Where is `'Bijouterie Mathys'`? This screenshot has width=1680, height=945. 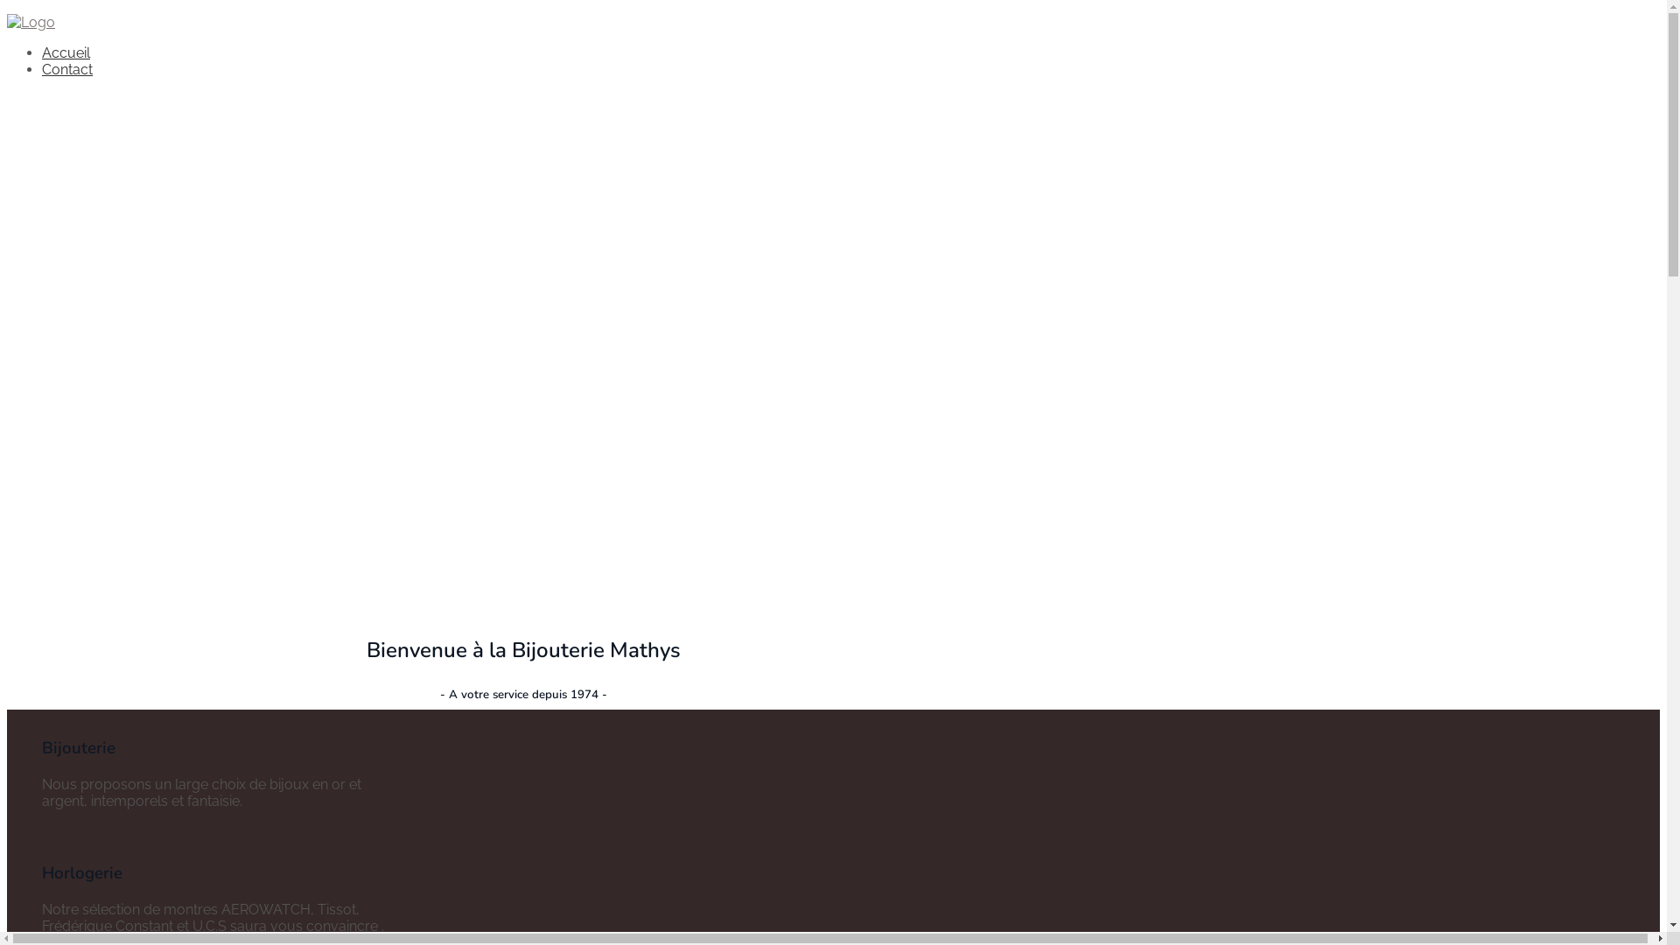 'Bijouterie Mathys' is located at coordinates (31, 22).